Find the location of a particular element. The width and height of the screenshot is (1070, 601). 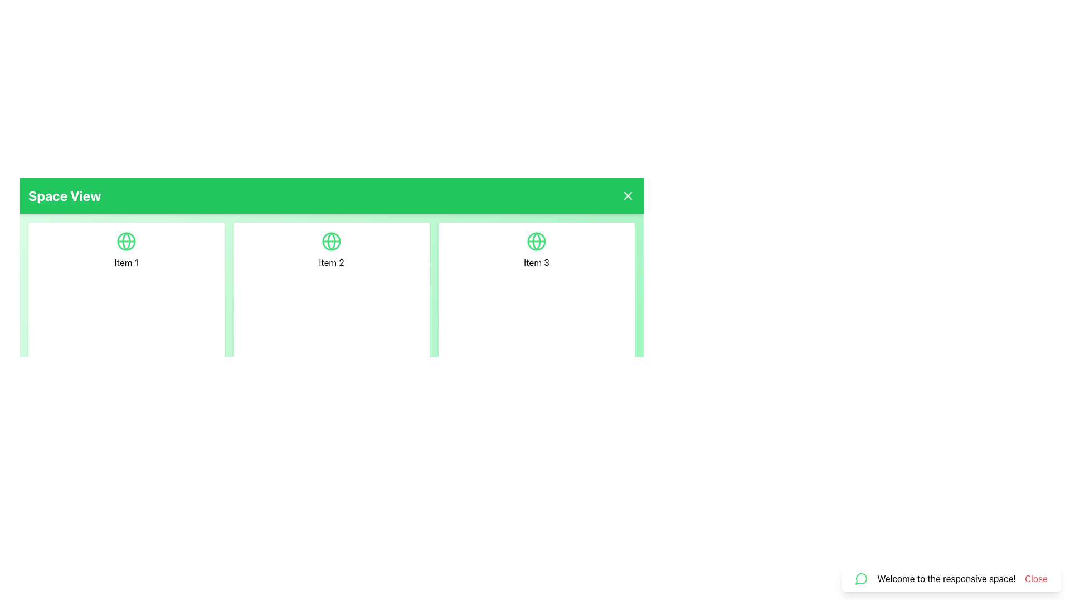

the circular graphical element associated with 'Item 1' in the SVG, located above its label is located at coordinates (126, 241).